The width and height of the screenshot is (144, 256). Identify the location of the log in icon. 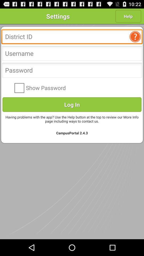
(72, 104).